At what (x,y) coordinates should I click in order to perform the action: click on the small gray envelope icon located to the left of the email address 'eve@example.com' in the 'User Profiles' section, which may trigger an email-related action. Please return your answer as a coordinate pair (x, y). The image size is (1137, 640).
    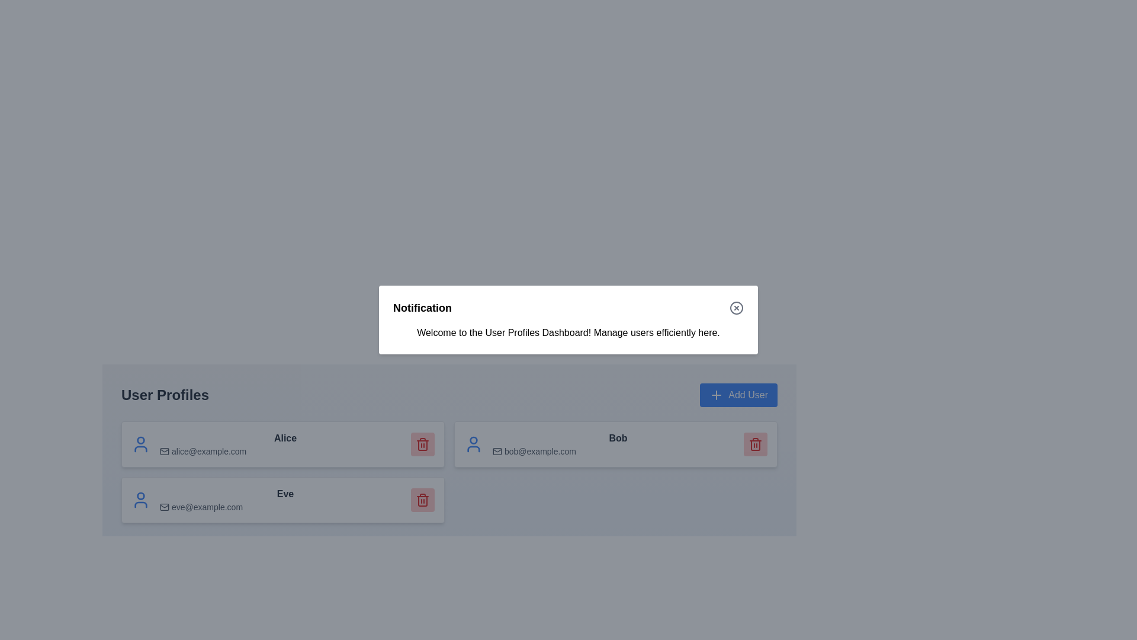
    Looking at the image, I should click on (164, 507).